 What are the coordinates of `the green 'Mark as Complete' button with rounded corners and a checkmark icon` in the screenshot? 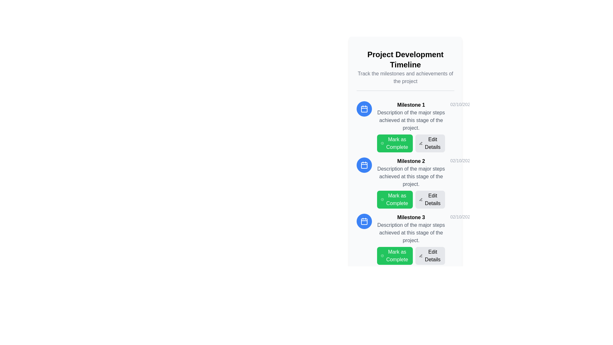 It's located at (395, 143).